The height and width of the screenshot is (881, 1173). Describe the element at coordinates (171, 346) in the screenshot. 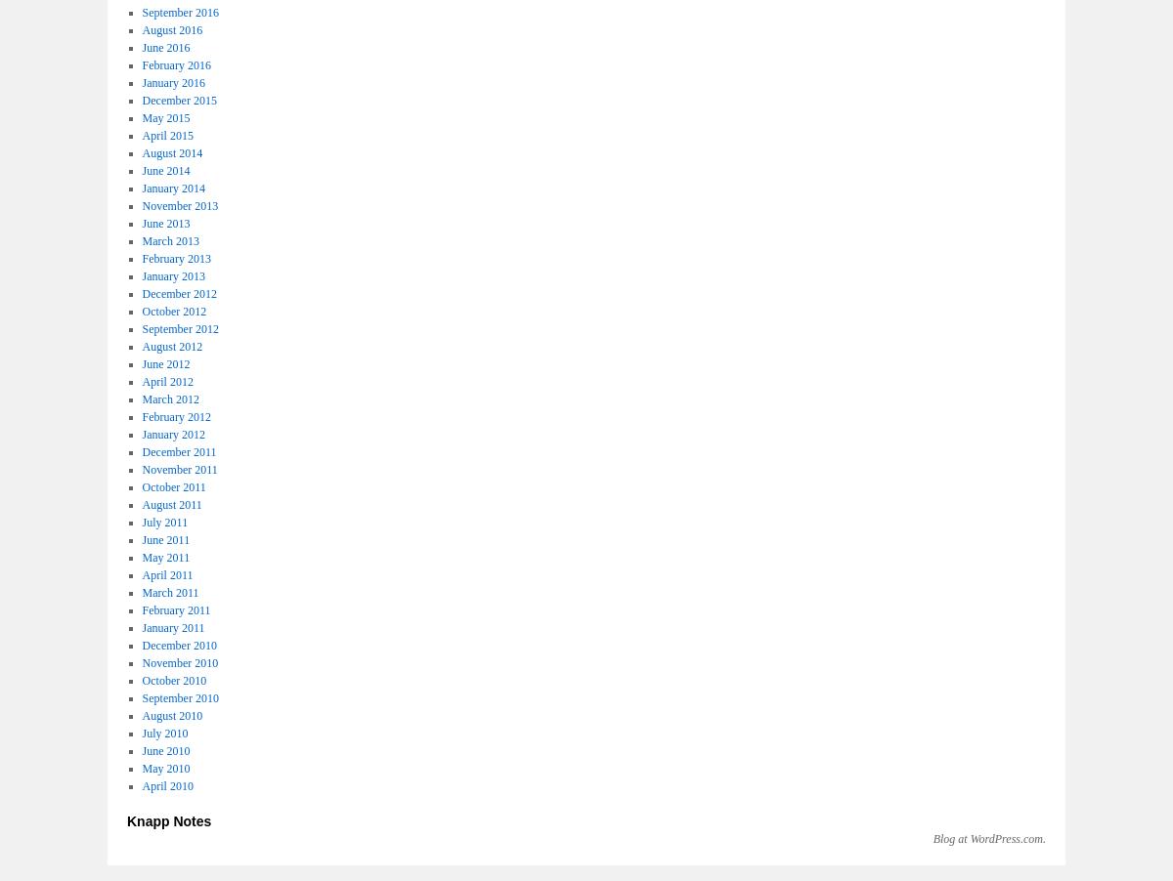

I see `'August 2012'` at that location.